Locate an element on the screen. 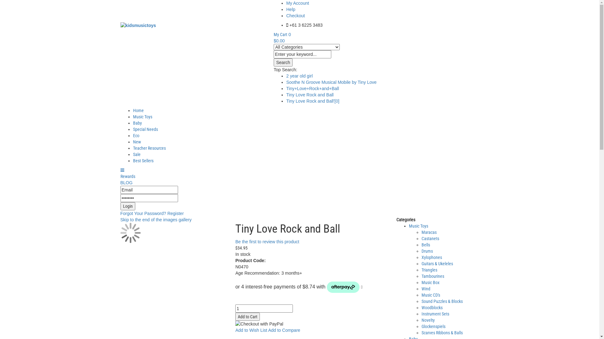  'Music Toys' is located at coordinates (142, 116).